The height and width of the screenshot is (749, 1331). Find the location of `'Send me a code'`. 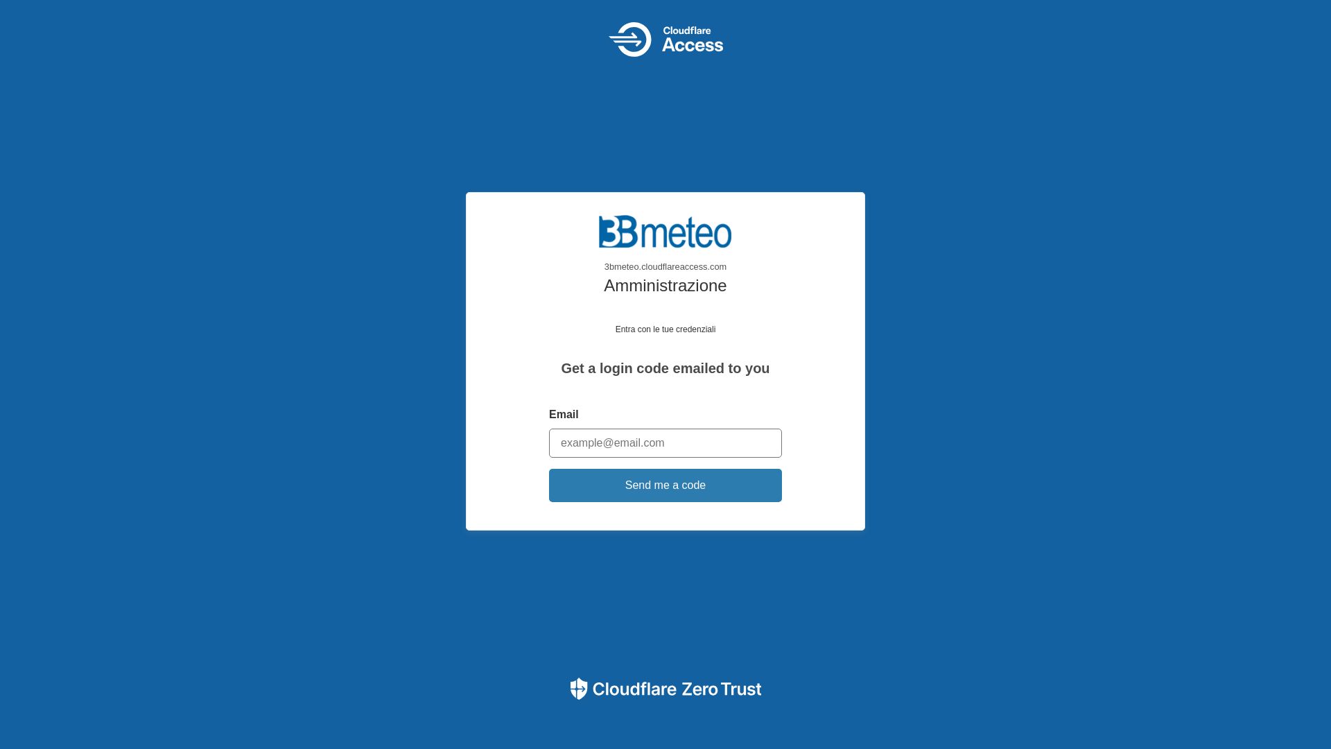

'Send me a code' is located at coordinates (665, 484).